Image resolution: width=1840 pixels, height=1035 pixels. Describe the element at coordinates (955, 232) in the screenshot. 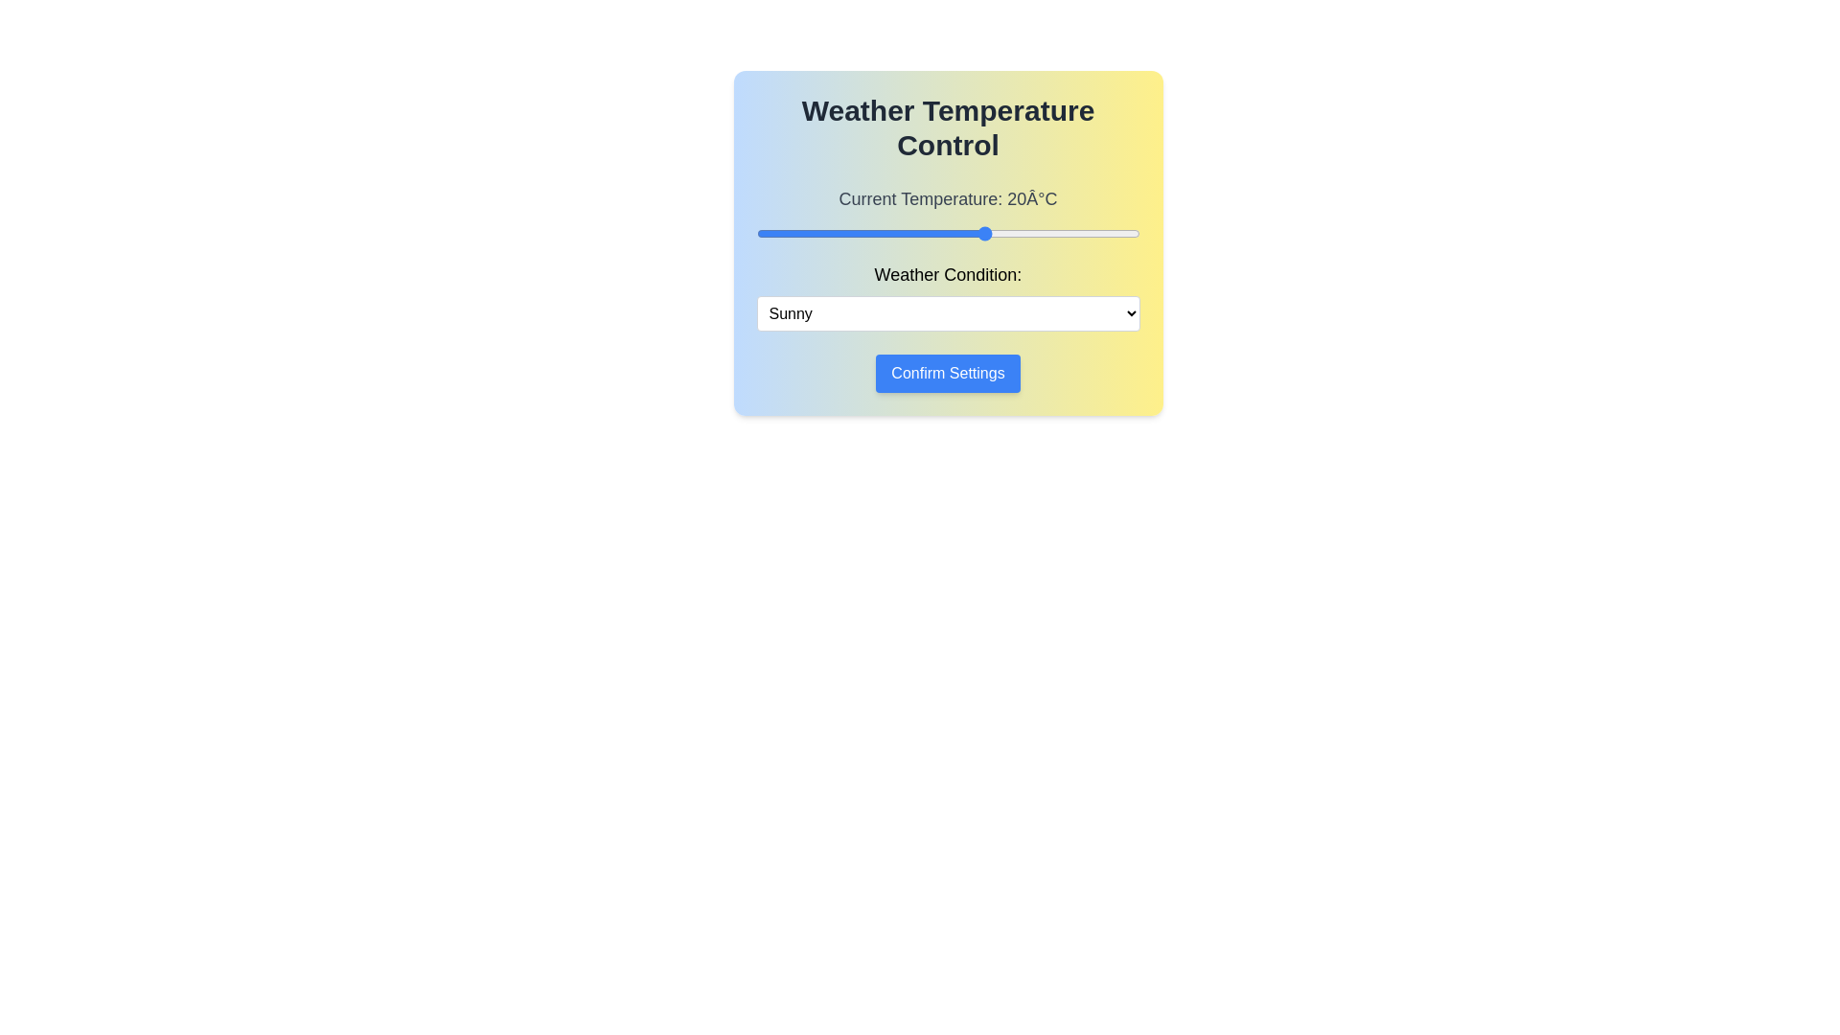

I see `the temperature slider to set the temperature to 16°C` at that location.